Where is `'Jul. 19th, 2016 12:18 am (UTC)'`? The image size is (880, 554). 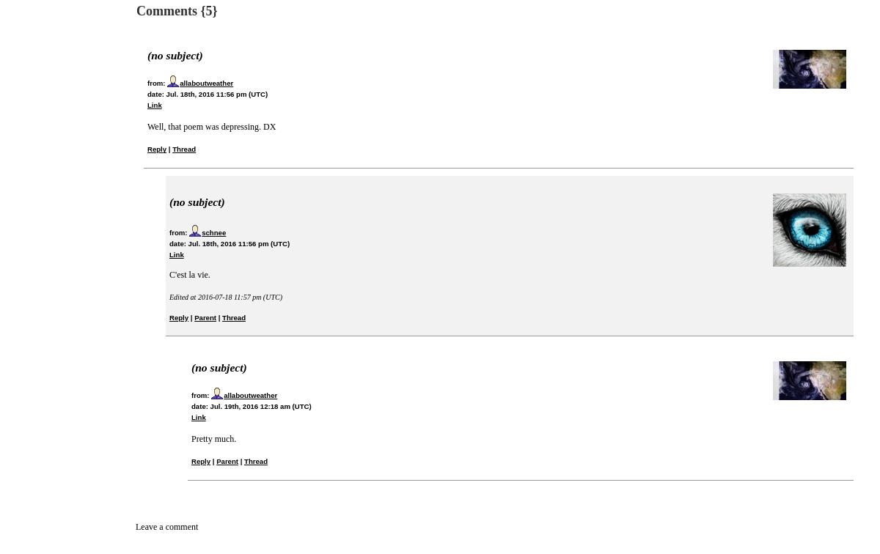 'Jul. 19th, 2016 12:18 am (UTC)' is located at coordinates (260, 406).